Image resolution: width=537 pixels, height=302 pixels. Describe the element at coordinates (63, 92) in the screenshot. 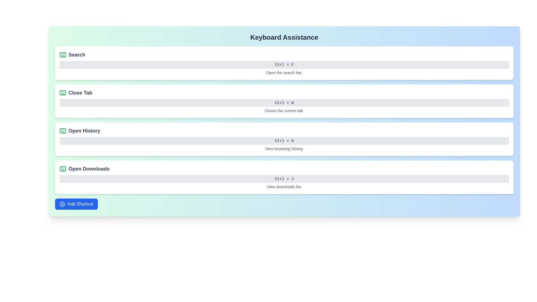

I see `the small, green-colored keyboard symbol icon located to the left of the 'Close Tab' text in the second group of options` at that location.